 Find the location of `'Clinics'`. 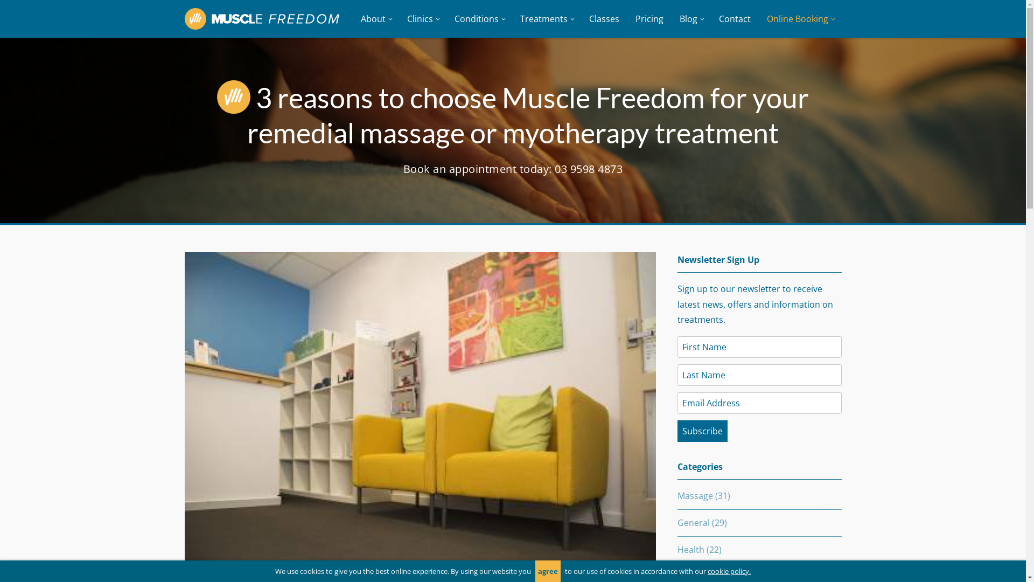

'Clinics' is located at coordinates (421, 18).